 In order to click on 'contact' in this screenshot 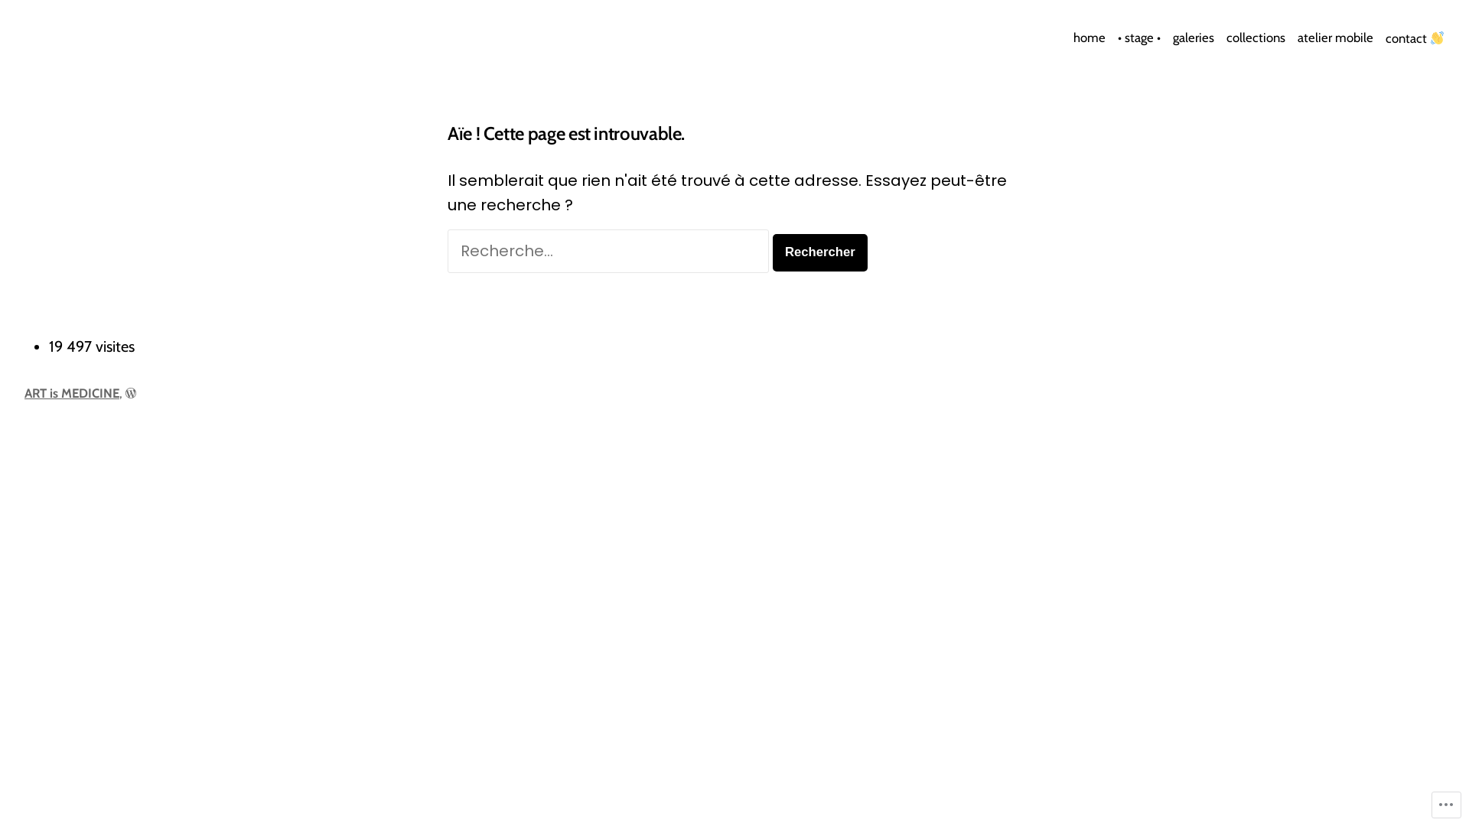, I will do `click(1379, 37)`.